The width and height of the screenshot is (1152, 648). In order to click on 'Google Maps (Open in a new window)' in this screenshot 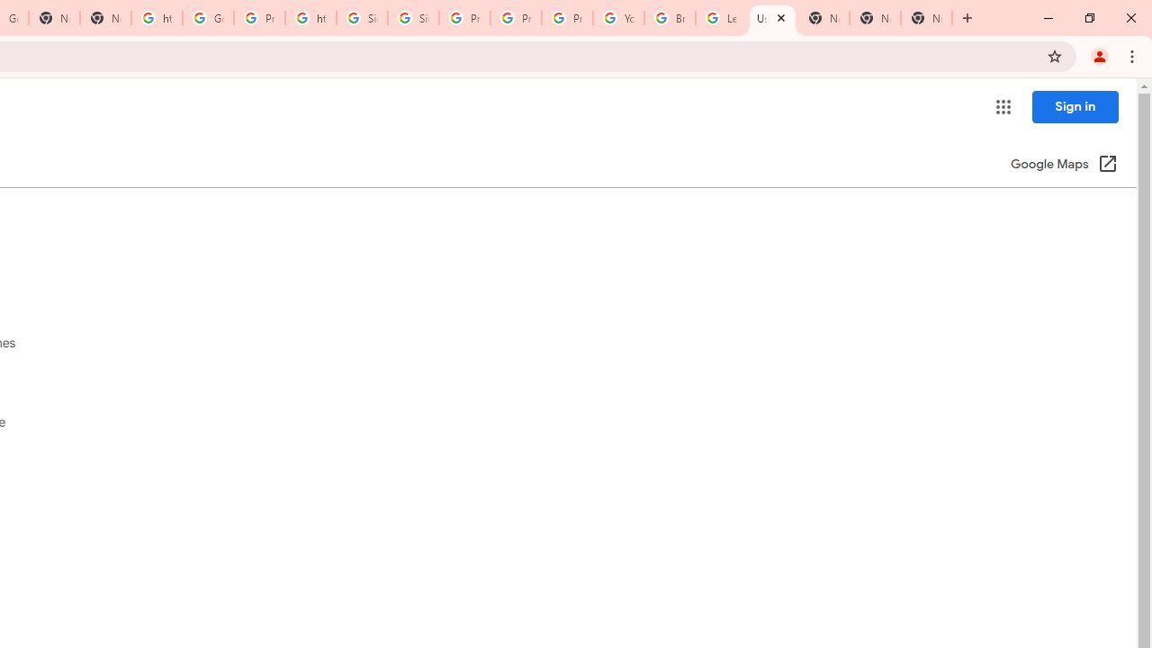, I will do `click(1064, 165)`.